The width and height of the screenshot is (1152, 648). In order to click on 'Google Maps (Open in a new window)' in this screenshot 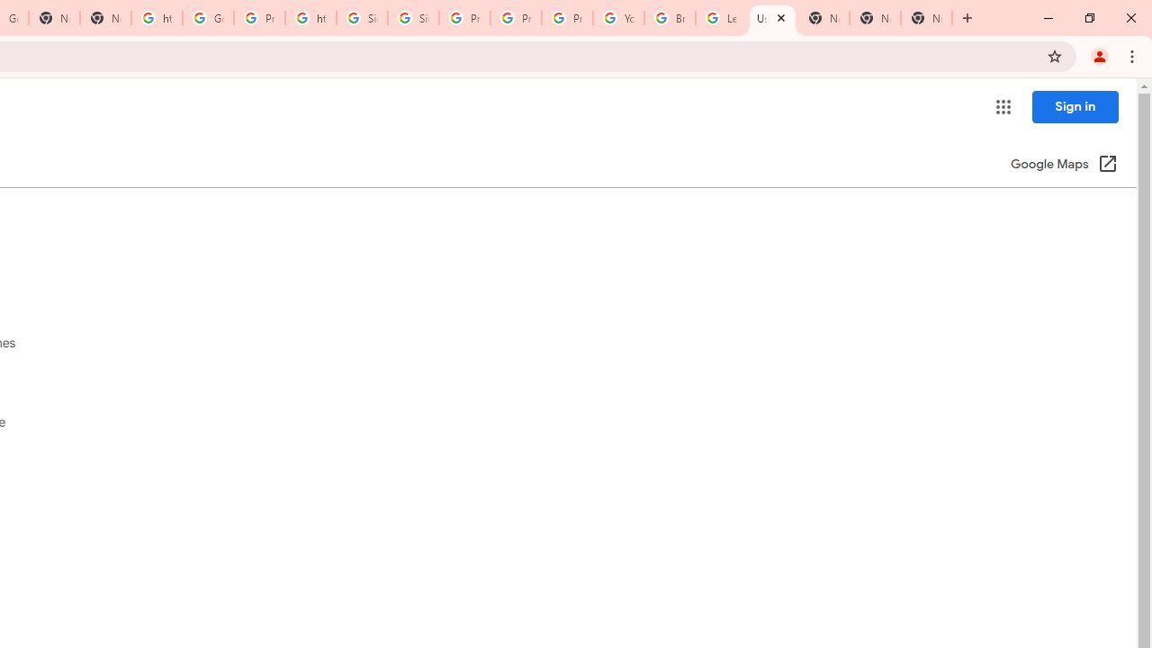, I will do `click(1064, 165)`.